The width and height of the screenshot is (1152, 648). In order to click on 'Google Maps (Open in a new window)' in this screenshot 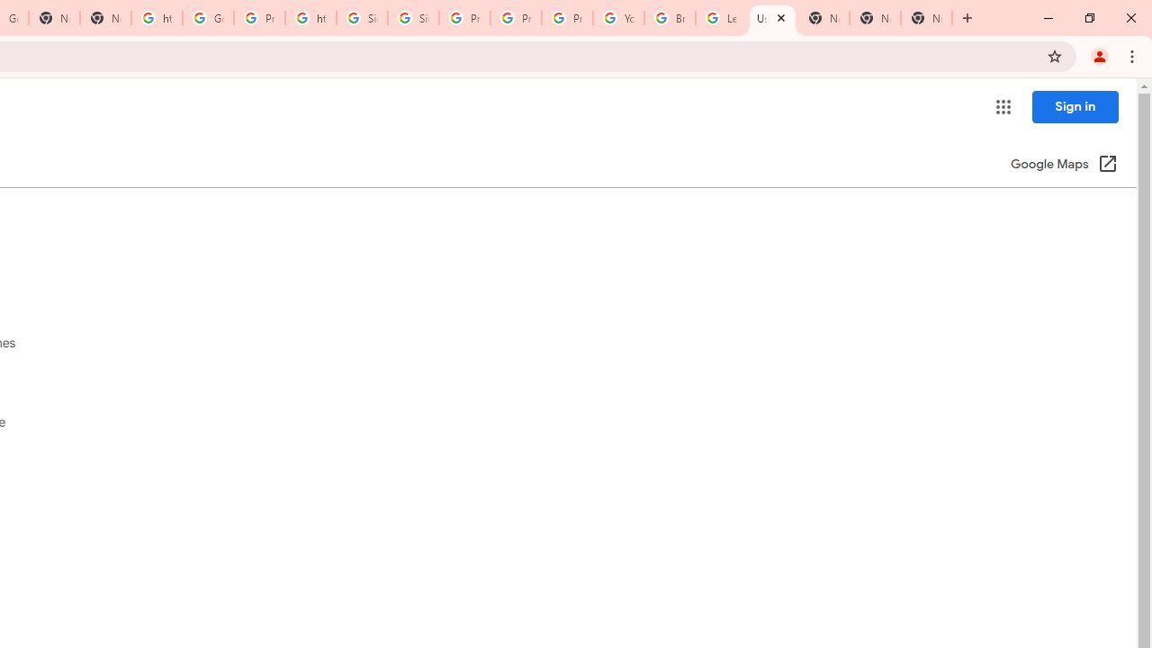, I will do `click(1064, 165)`.